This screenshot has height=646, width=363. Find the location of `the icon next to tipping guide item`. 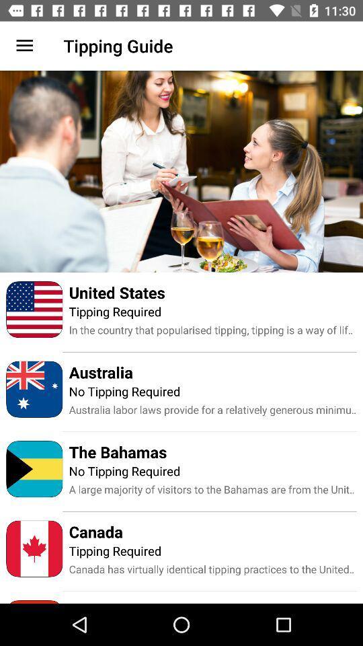

the icon next to tipping guide item is located at coordinates (24, 46).